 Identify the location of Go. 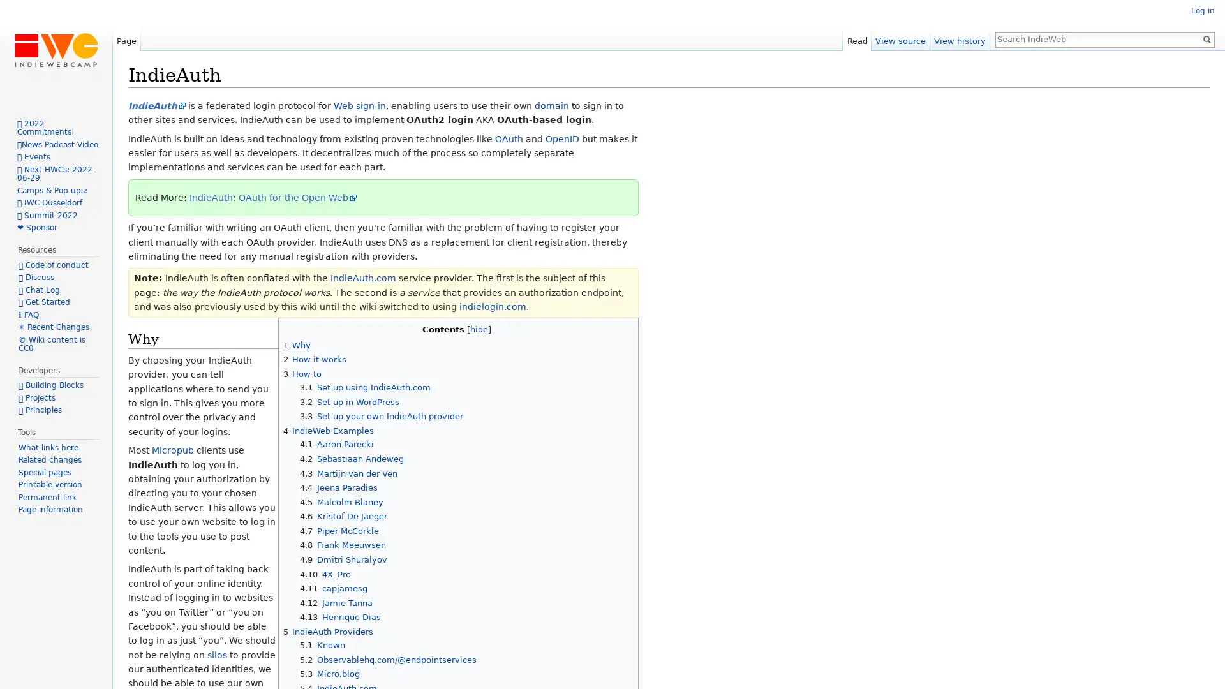
(1206, 38).